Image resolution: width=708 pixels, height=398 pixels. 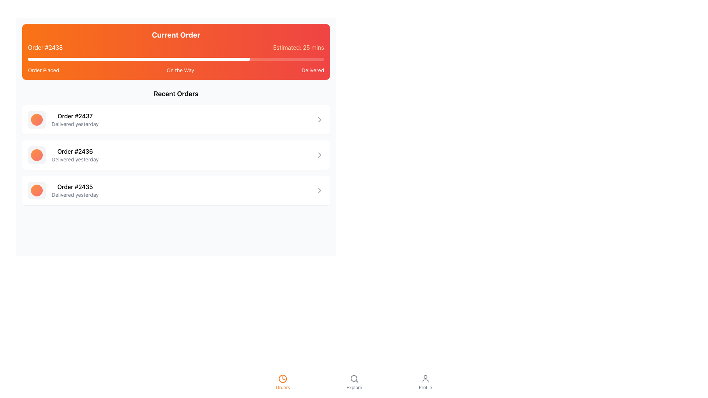 I want to click on on the first list item in the 'Recent Orders' section, which contains order number #2437 and the delivery status 'Delivered yesterday', so click(x=63, y=119).